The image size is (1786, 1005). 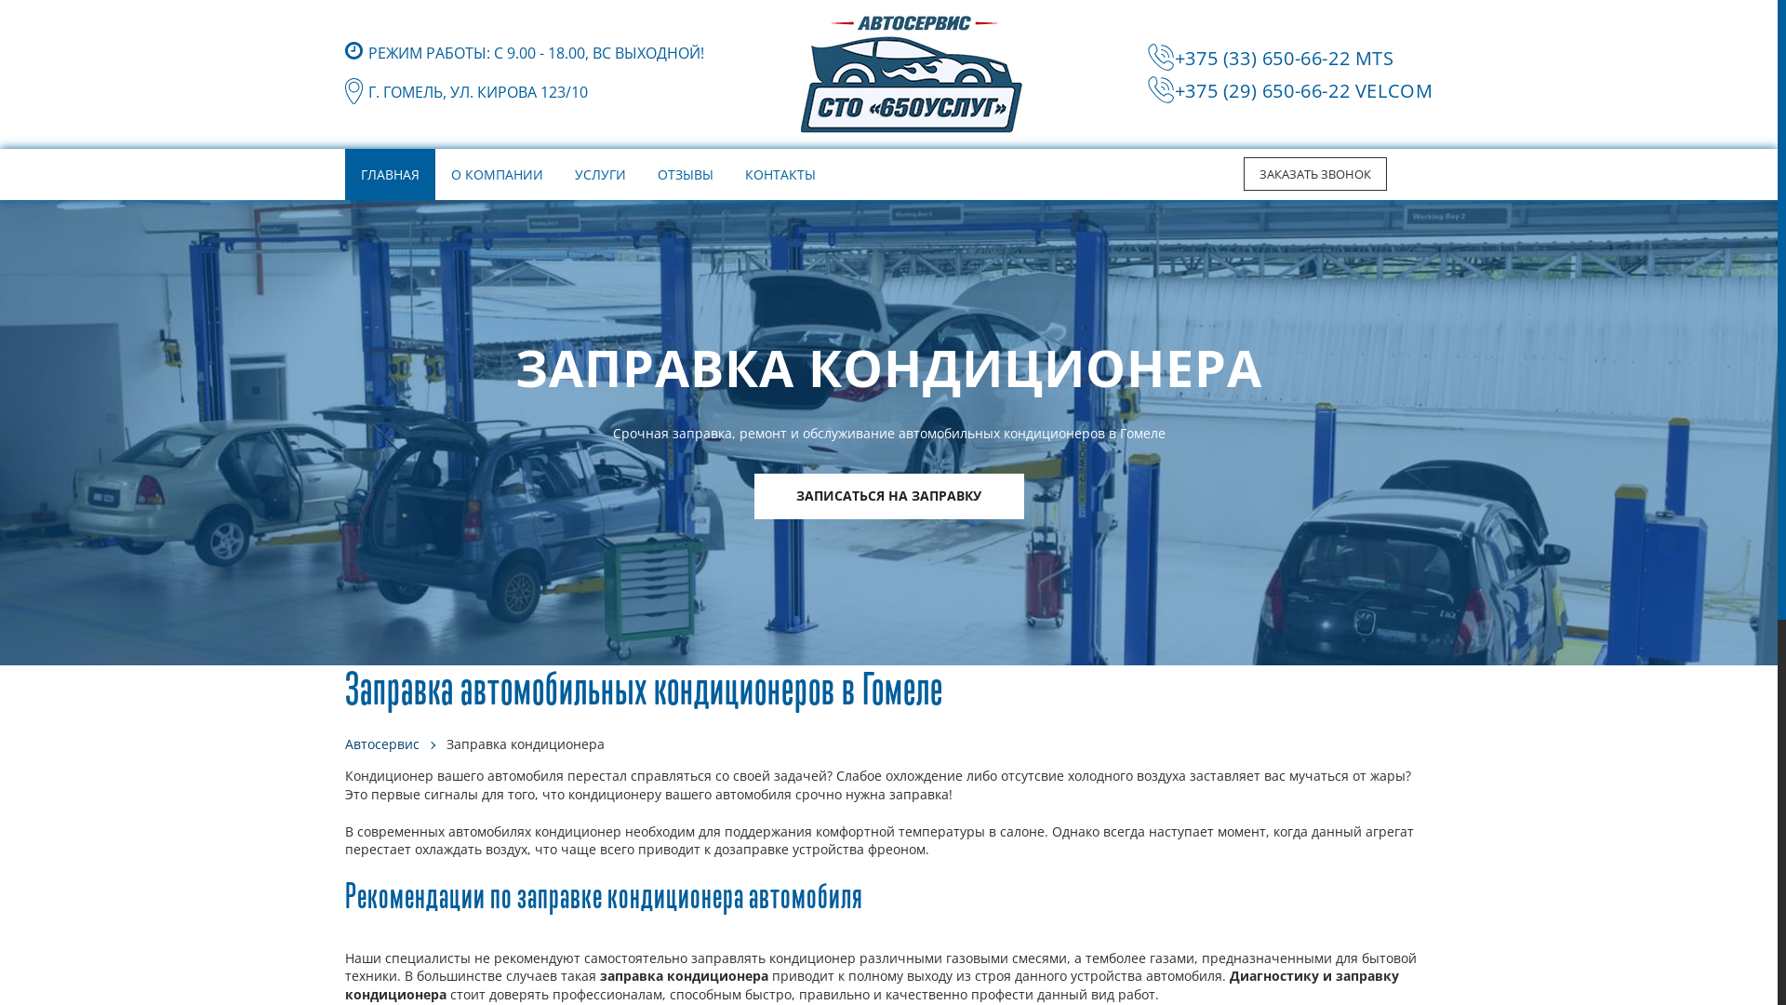 What do you see at coordinates (1284, 56) in the screenshot?
I see `'+375 (33) 650-66-22 MTS'` at bounding box center [1284, 56].